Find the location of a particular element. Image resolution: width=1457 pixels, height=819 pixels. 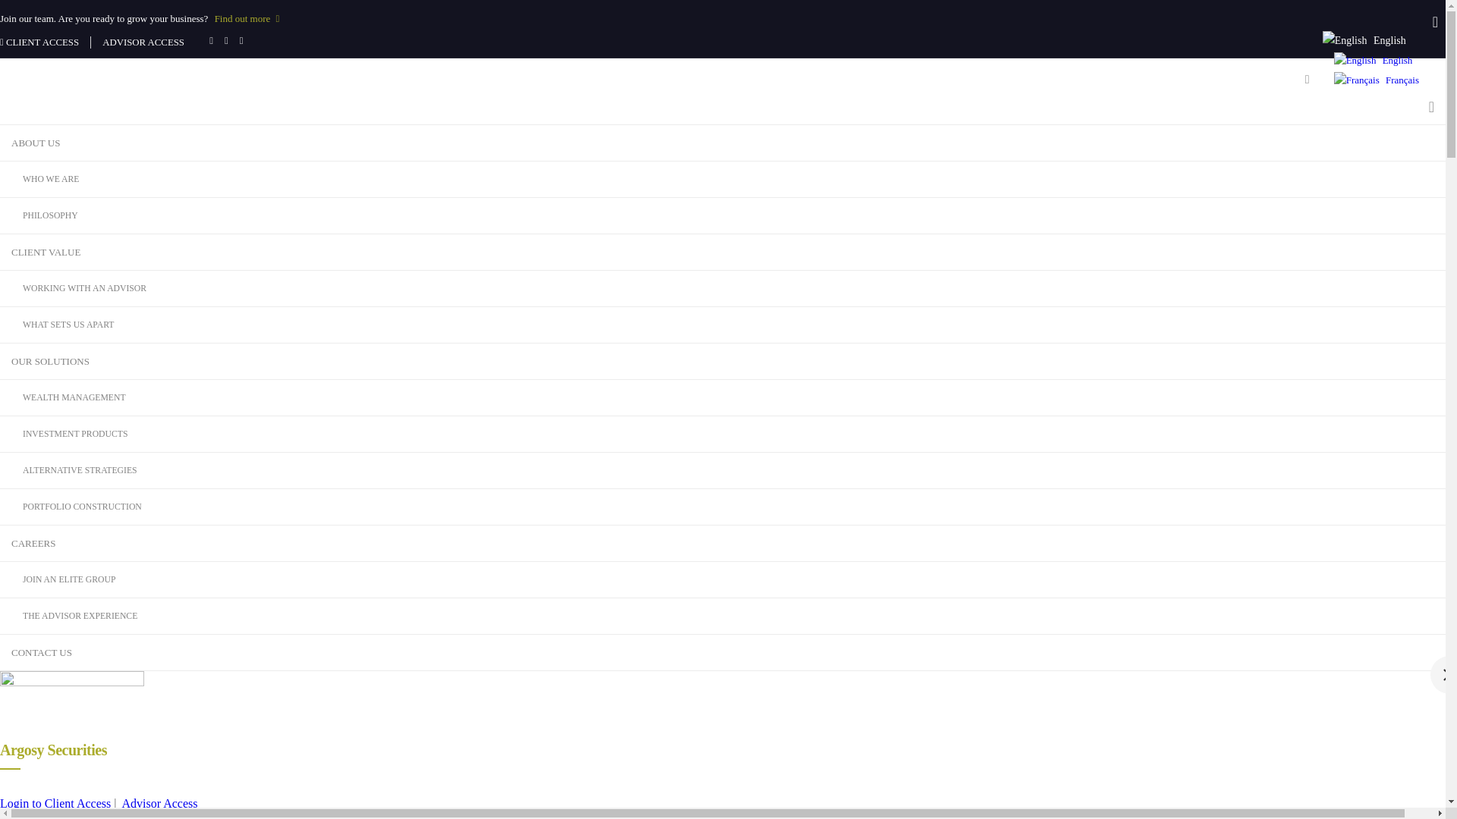

'CLIENT ACCESS' is located at coordinates (39, 42).